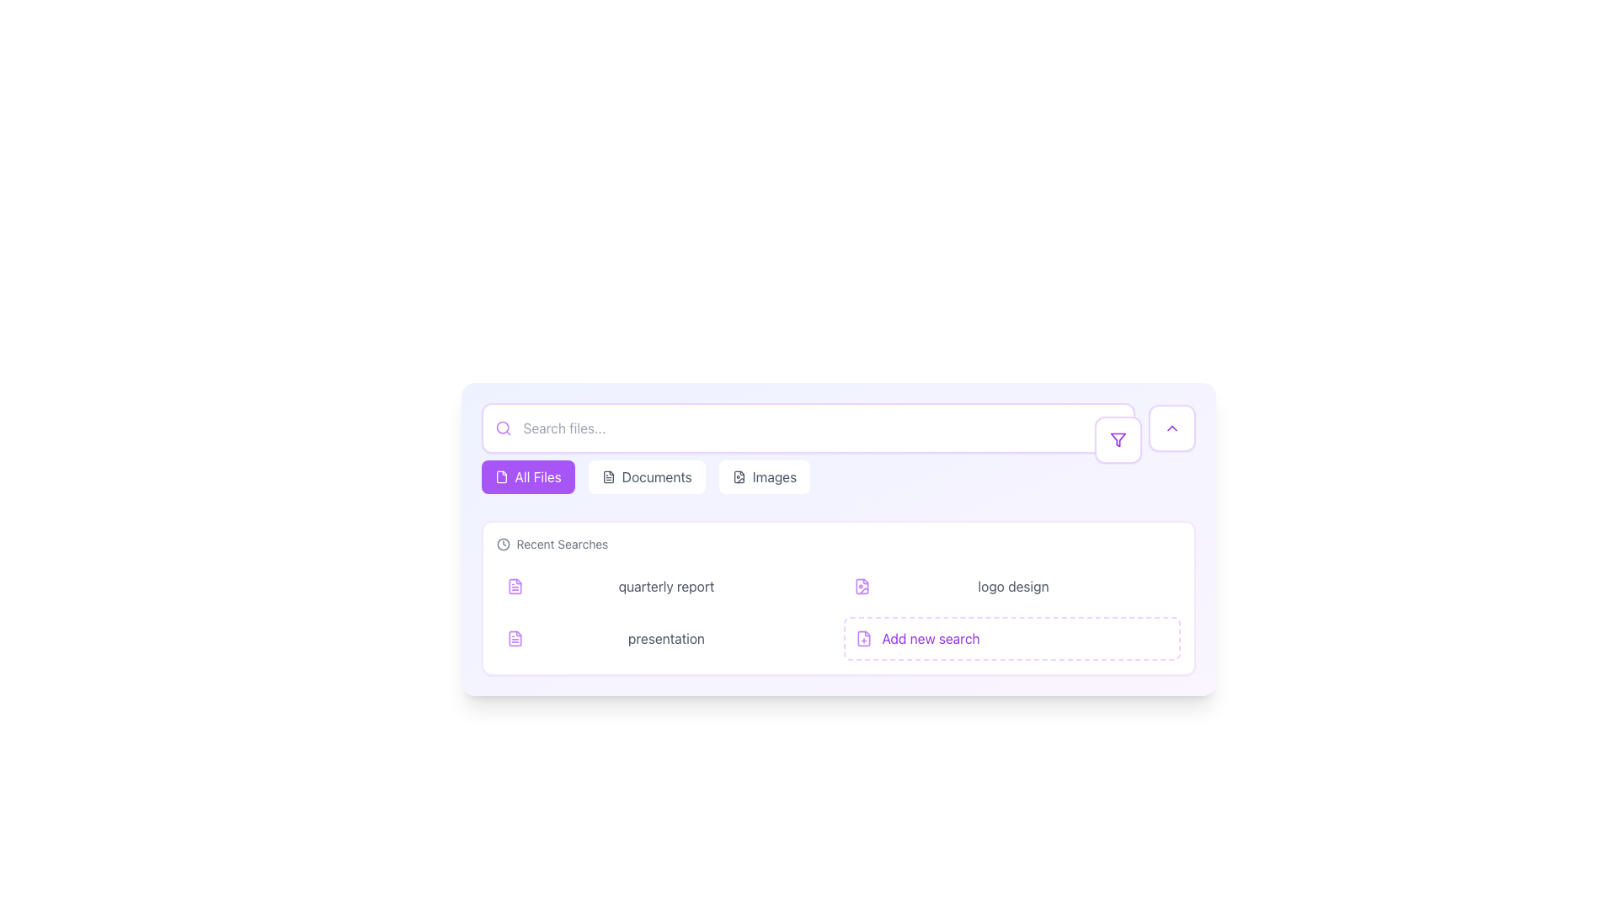  What do you see at coordinates (514, 639) in the screenshot?
I see `the document icon, which is the largest shape in a group of vector paths, located in the second row of the recent searches list` at bounding box center [514, 639].